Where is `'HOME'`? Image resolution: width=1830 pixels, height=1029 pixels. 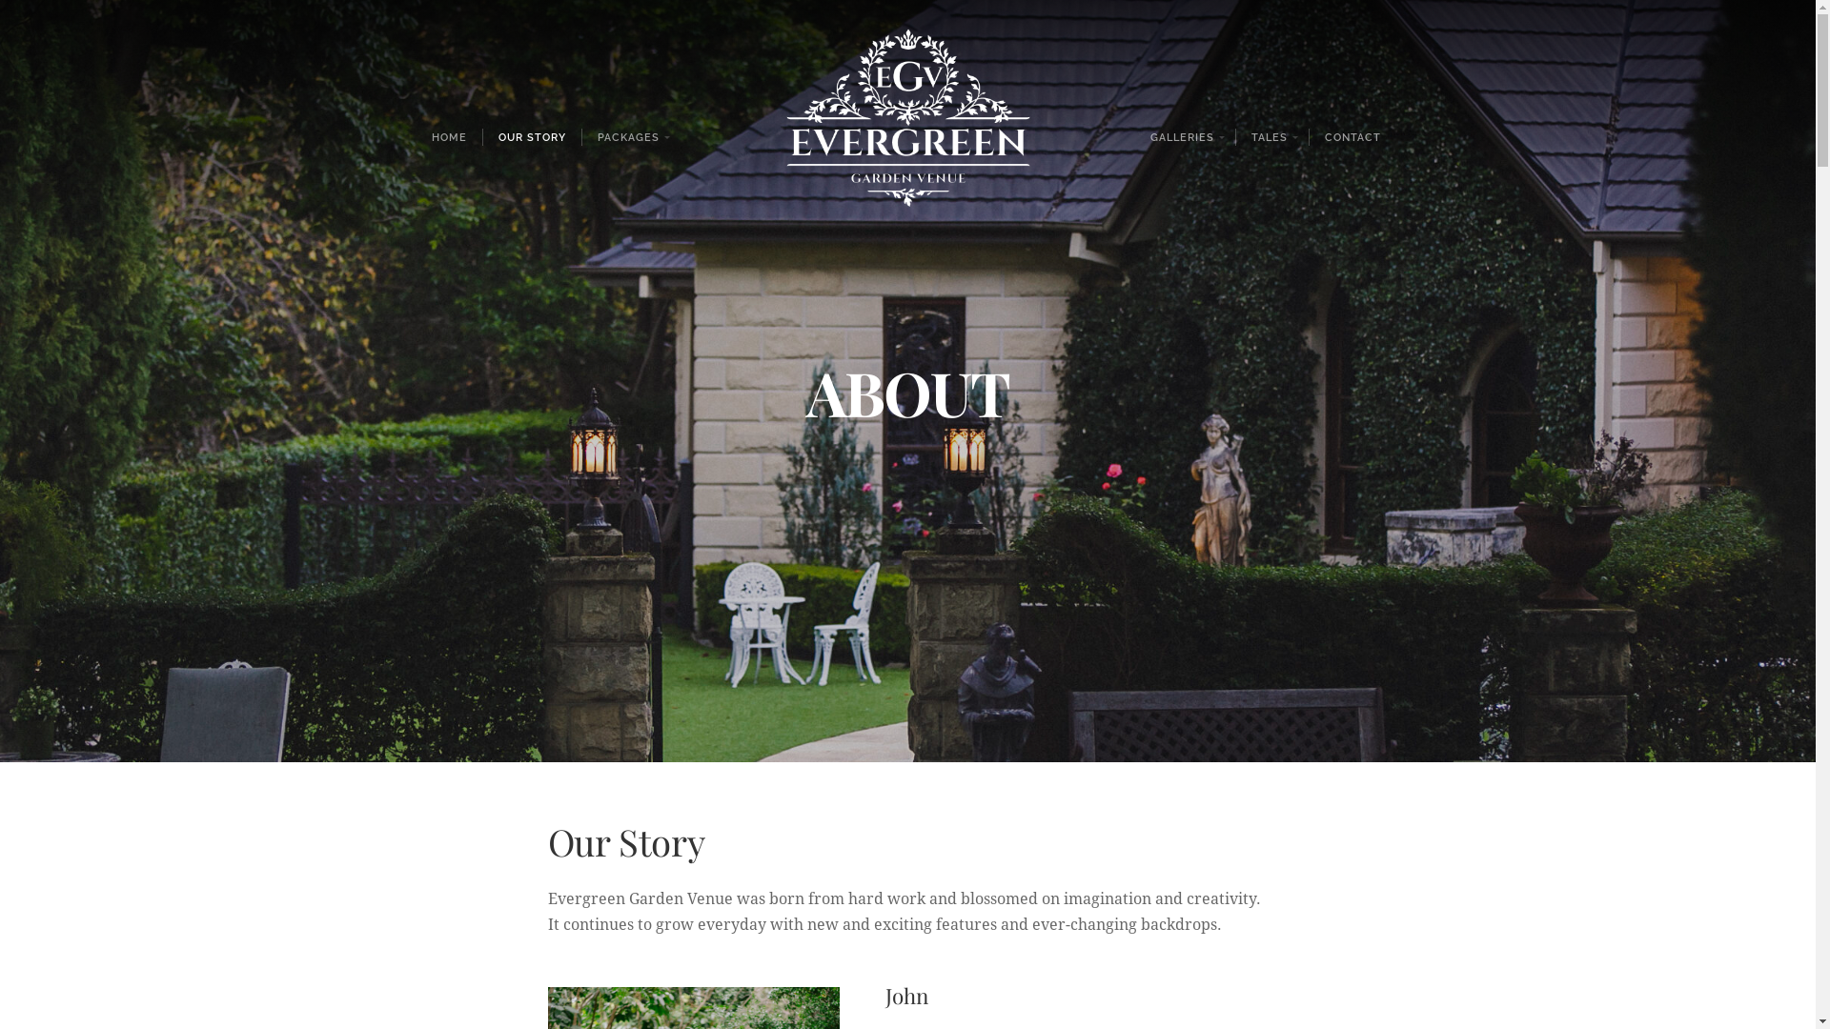 'HOME' is located at coordinates (415, 135).